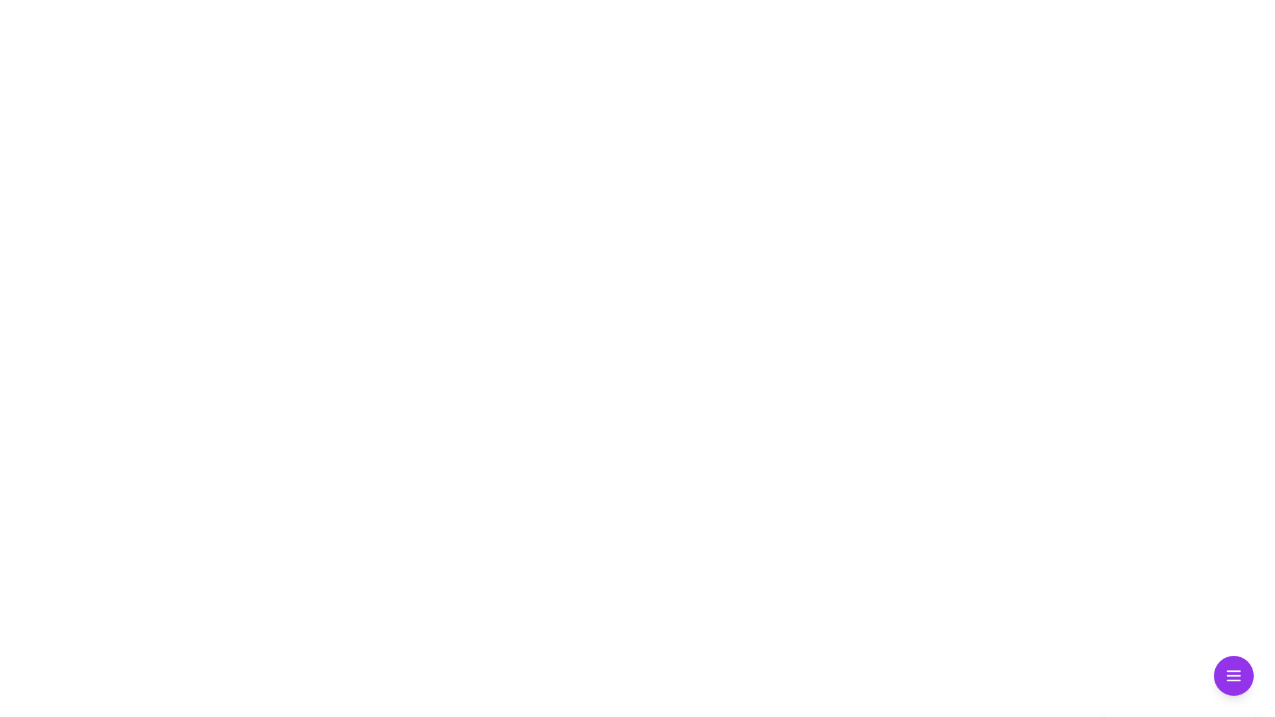 The width and height of the screenshot is (1275, 717). Describe the element at coordinates (1232, 676) in the screenshot. I see `the purple button to observe its hover effects` at that location.